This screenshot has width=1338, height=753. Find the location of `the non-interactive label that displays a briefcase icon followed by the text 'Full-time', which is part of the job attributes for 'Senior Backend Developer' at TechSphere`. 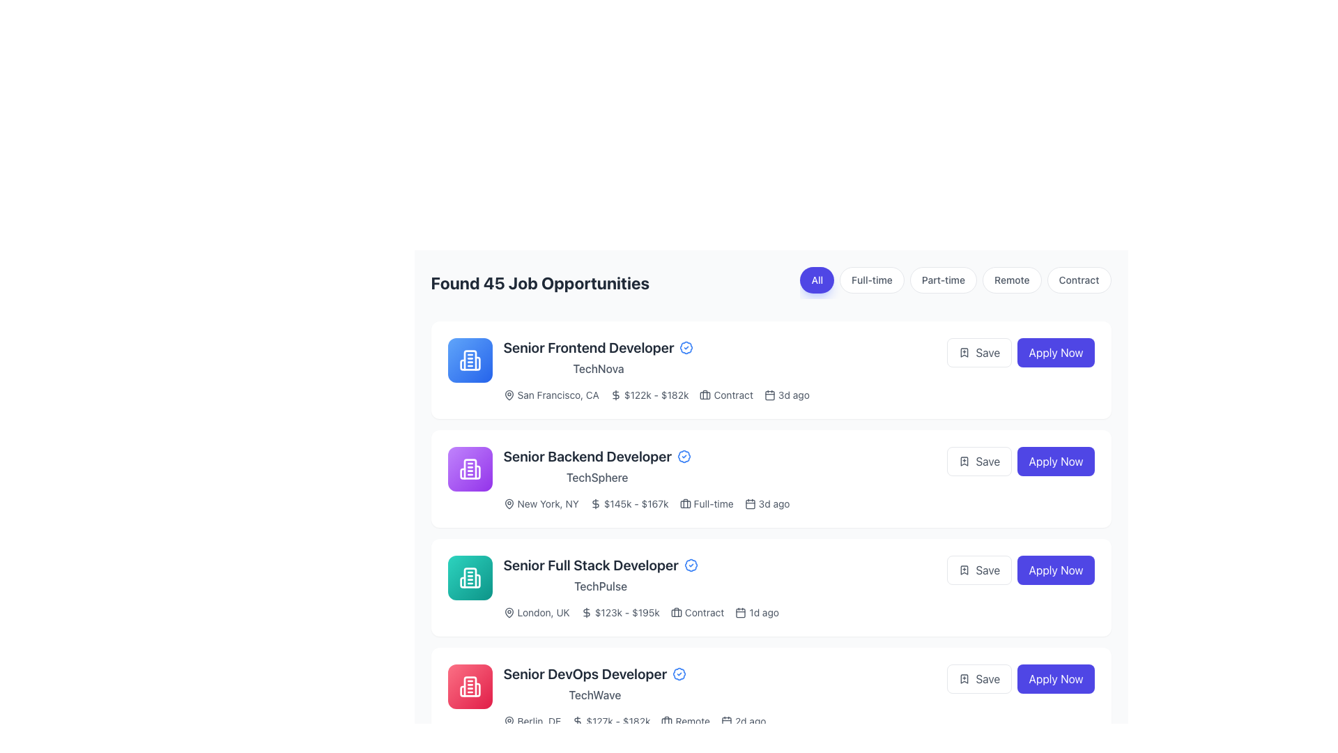

the non-interactive label that displays a briefcase icon followed by the text 'Full-time', which is part of the job attributes for 'Senior Backend Developer' at TechSphere is located at coordinates (707, 503).